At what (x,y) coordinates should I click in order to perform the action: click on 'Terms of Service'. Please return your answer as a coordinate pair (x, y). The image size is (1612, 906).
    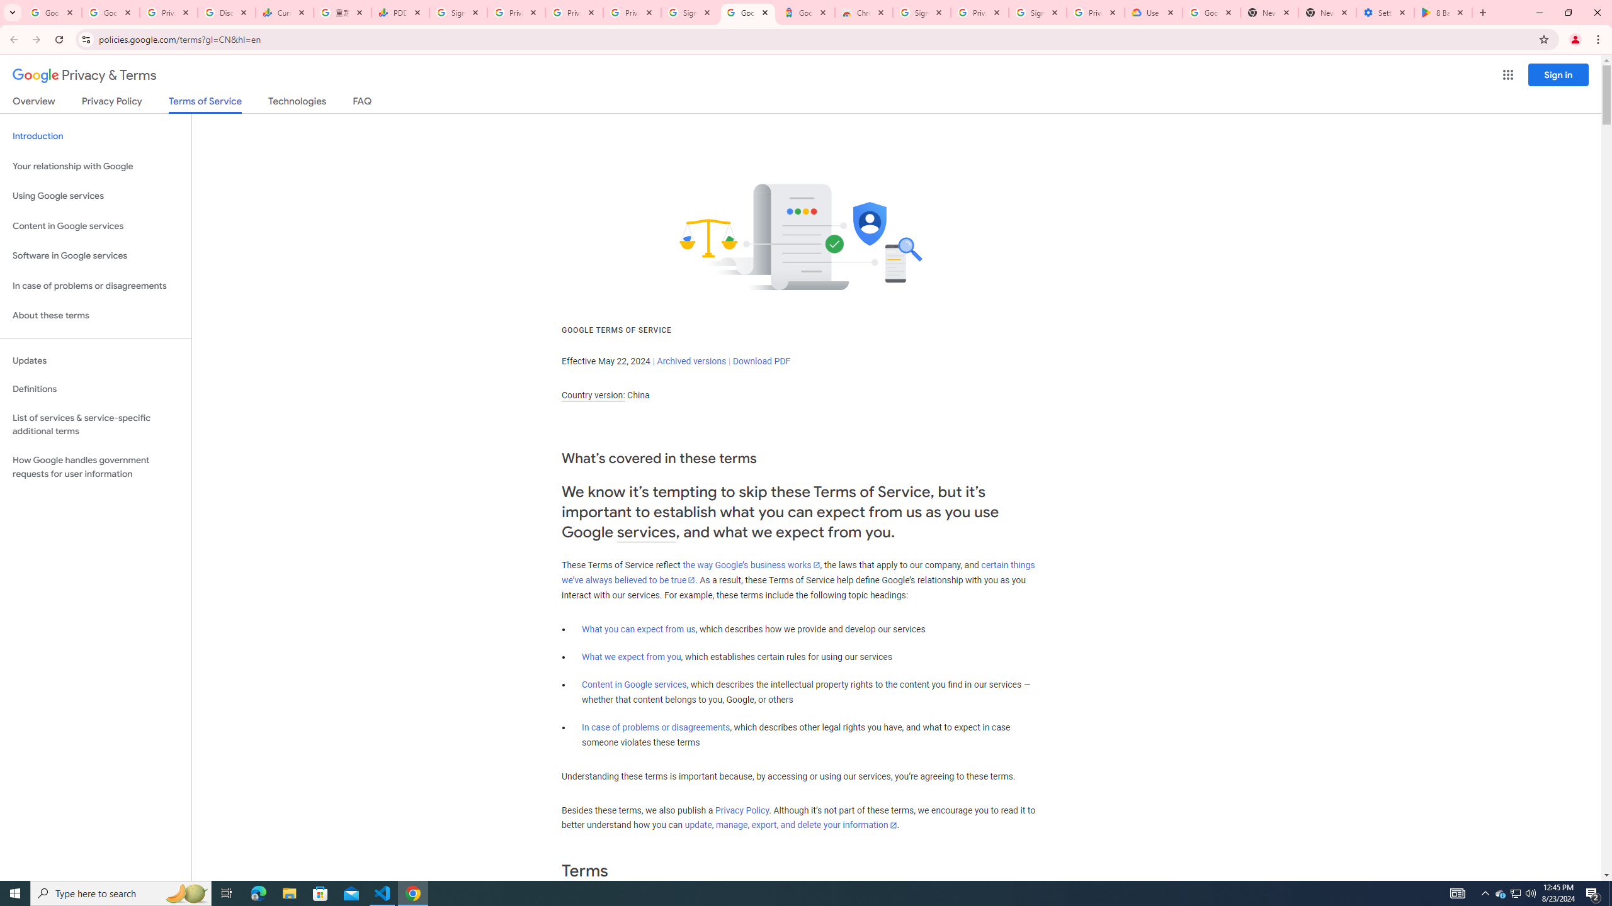
    Looking at the image, I should click on (205, 104).